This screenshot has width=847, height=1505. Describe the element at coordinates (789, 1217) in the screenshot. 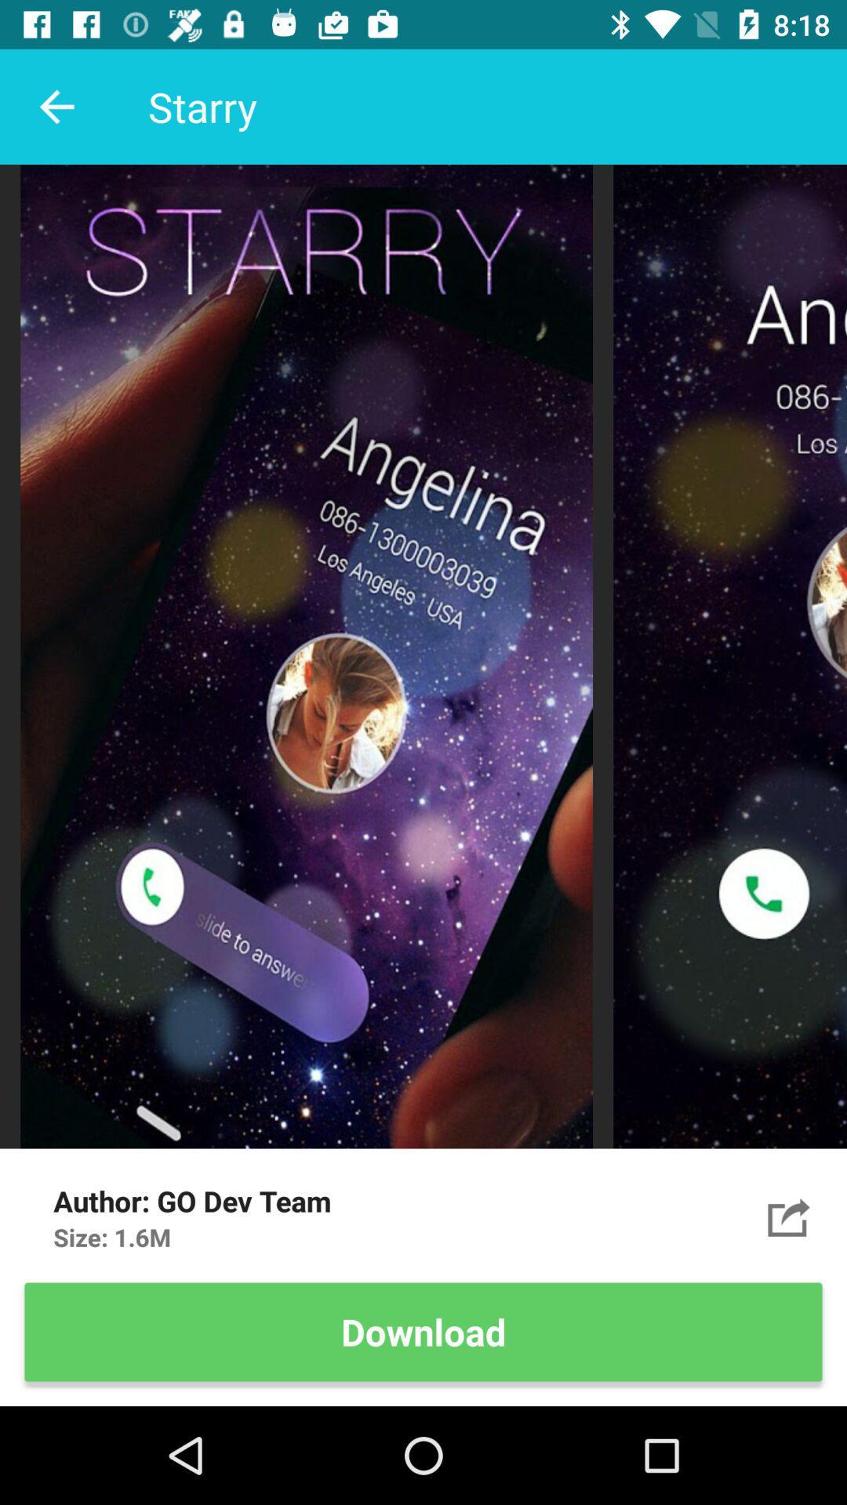

I see `the launch icon` at that location.